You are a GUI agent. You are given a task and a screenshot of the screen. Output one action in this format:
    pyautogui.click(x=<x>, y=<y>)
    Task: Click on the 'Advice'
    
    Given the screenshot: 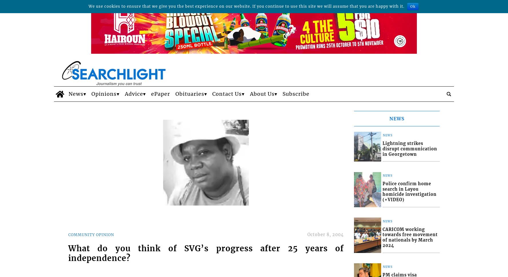 What is the action you would take?
    pyautogui.click(x=133, y=93)
    